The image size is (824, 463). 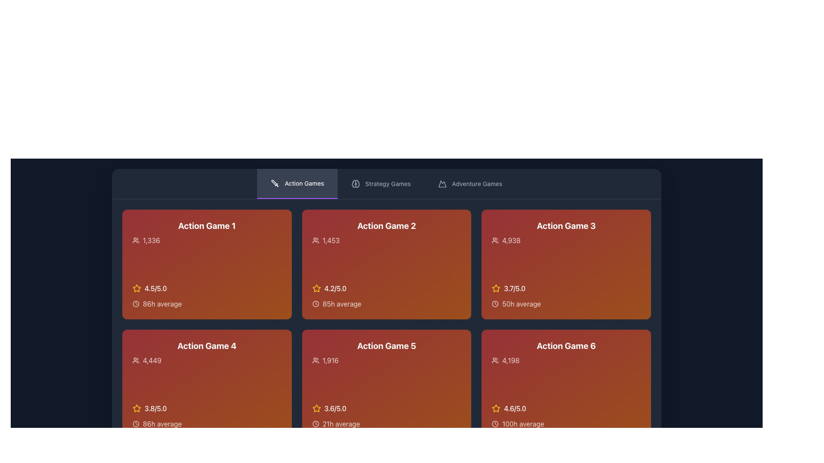 What do you see at coordinates (386, 384) in the screenshot?
I see `the game summary card located in the second row, center column of the Action Games category` at bounding box center [386, 384].